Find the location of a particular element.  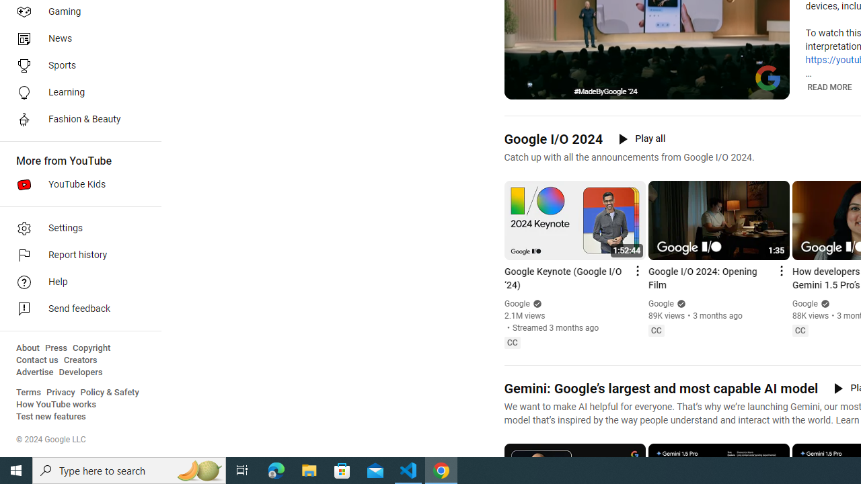

'Fashion & Beauty' is located at coordinates (75, 118).